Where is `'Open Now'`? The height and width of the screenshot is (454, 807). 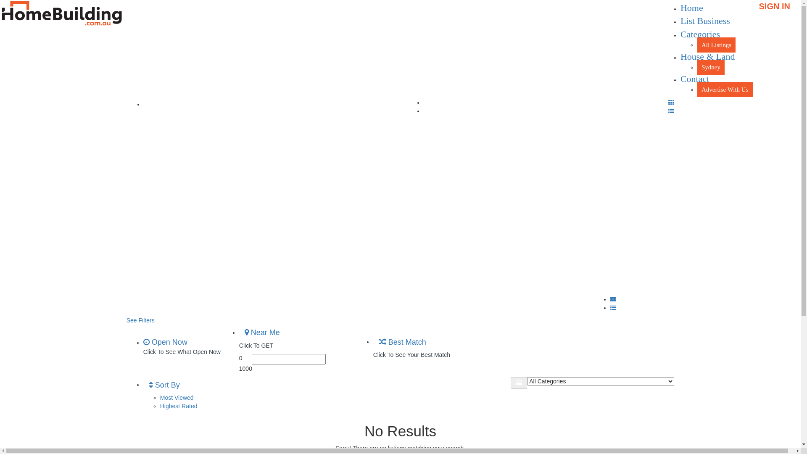
'Open Now' is located at coordinates (165, 342).